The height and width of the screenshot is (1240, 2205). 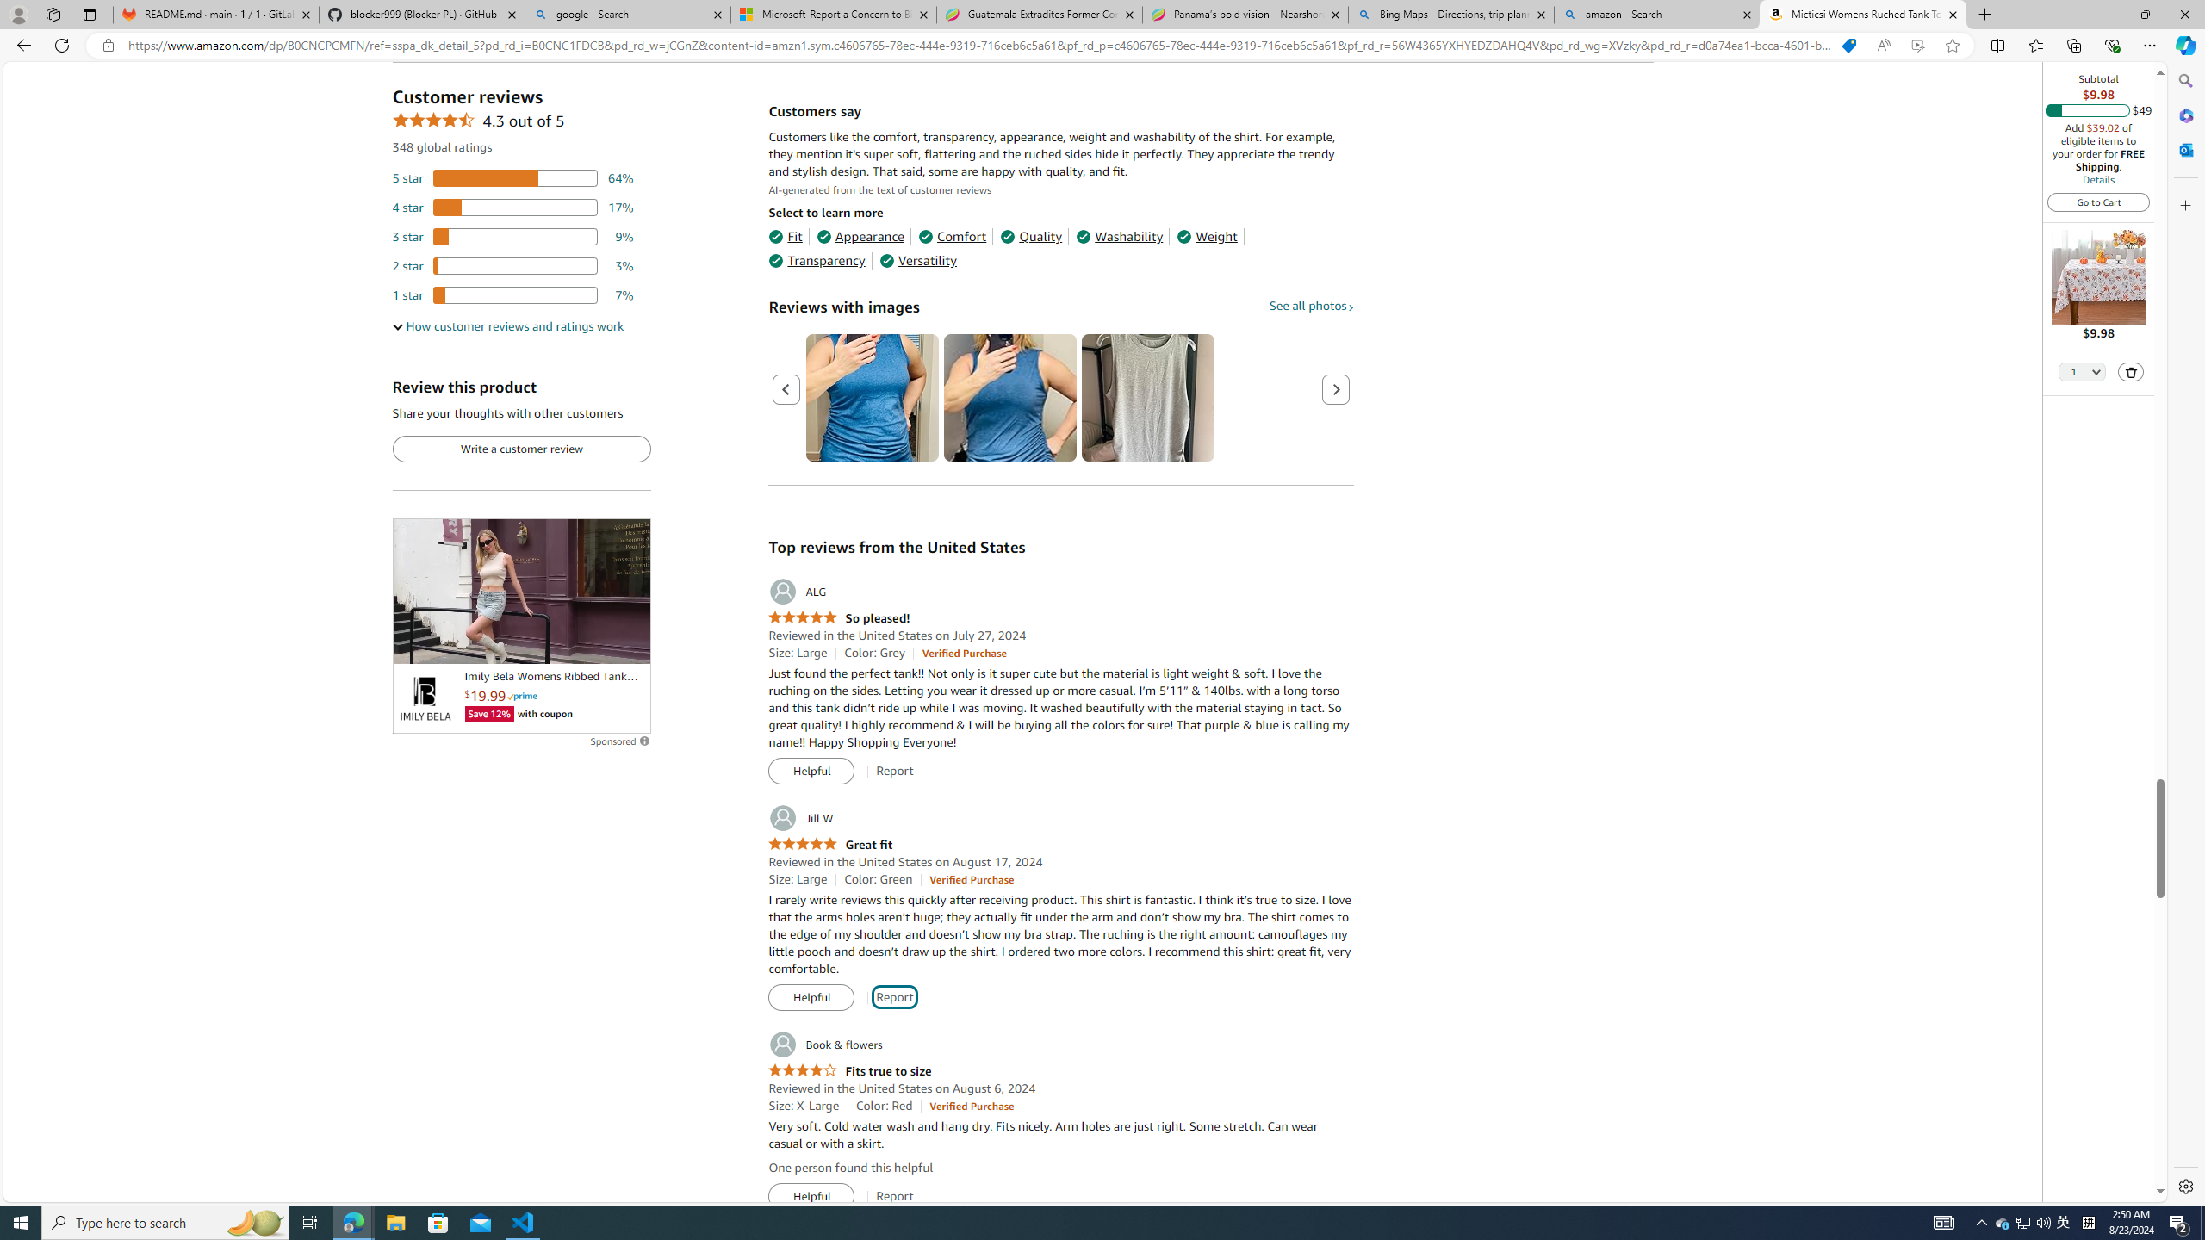 I want to click on 'Report', so click(x=894, y=1196).